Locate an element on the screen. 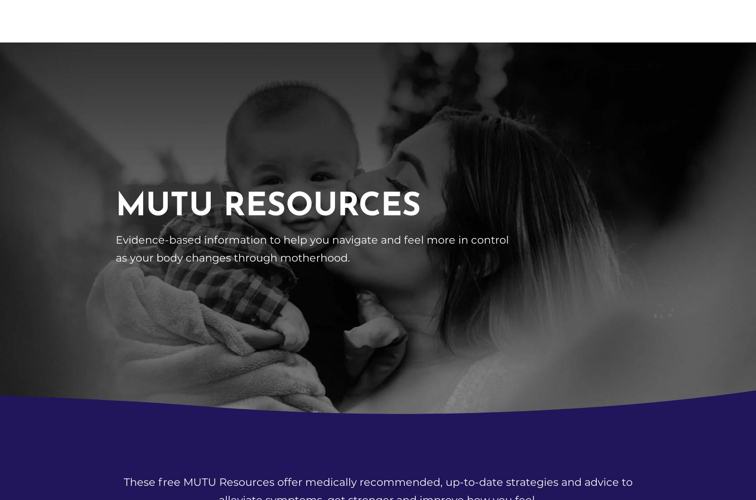 The image size is (756, 500). 'Pelvic Girdle Pain and SPD exercises' is located at coordinates (557, 124).